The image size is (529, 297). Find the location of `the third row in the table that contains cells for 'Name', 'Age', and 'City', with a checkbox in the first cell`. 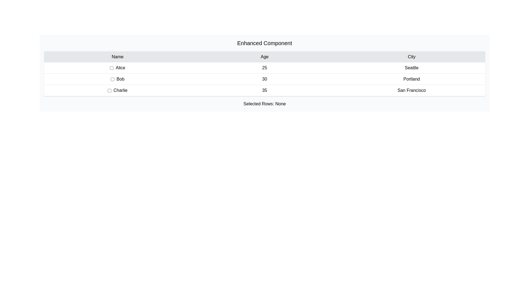

the third row in the table that contains cells for 'Name', 'Age', and 'City', with a checkbox in the first cell is located at coordinates (264, 90).